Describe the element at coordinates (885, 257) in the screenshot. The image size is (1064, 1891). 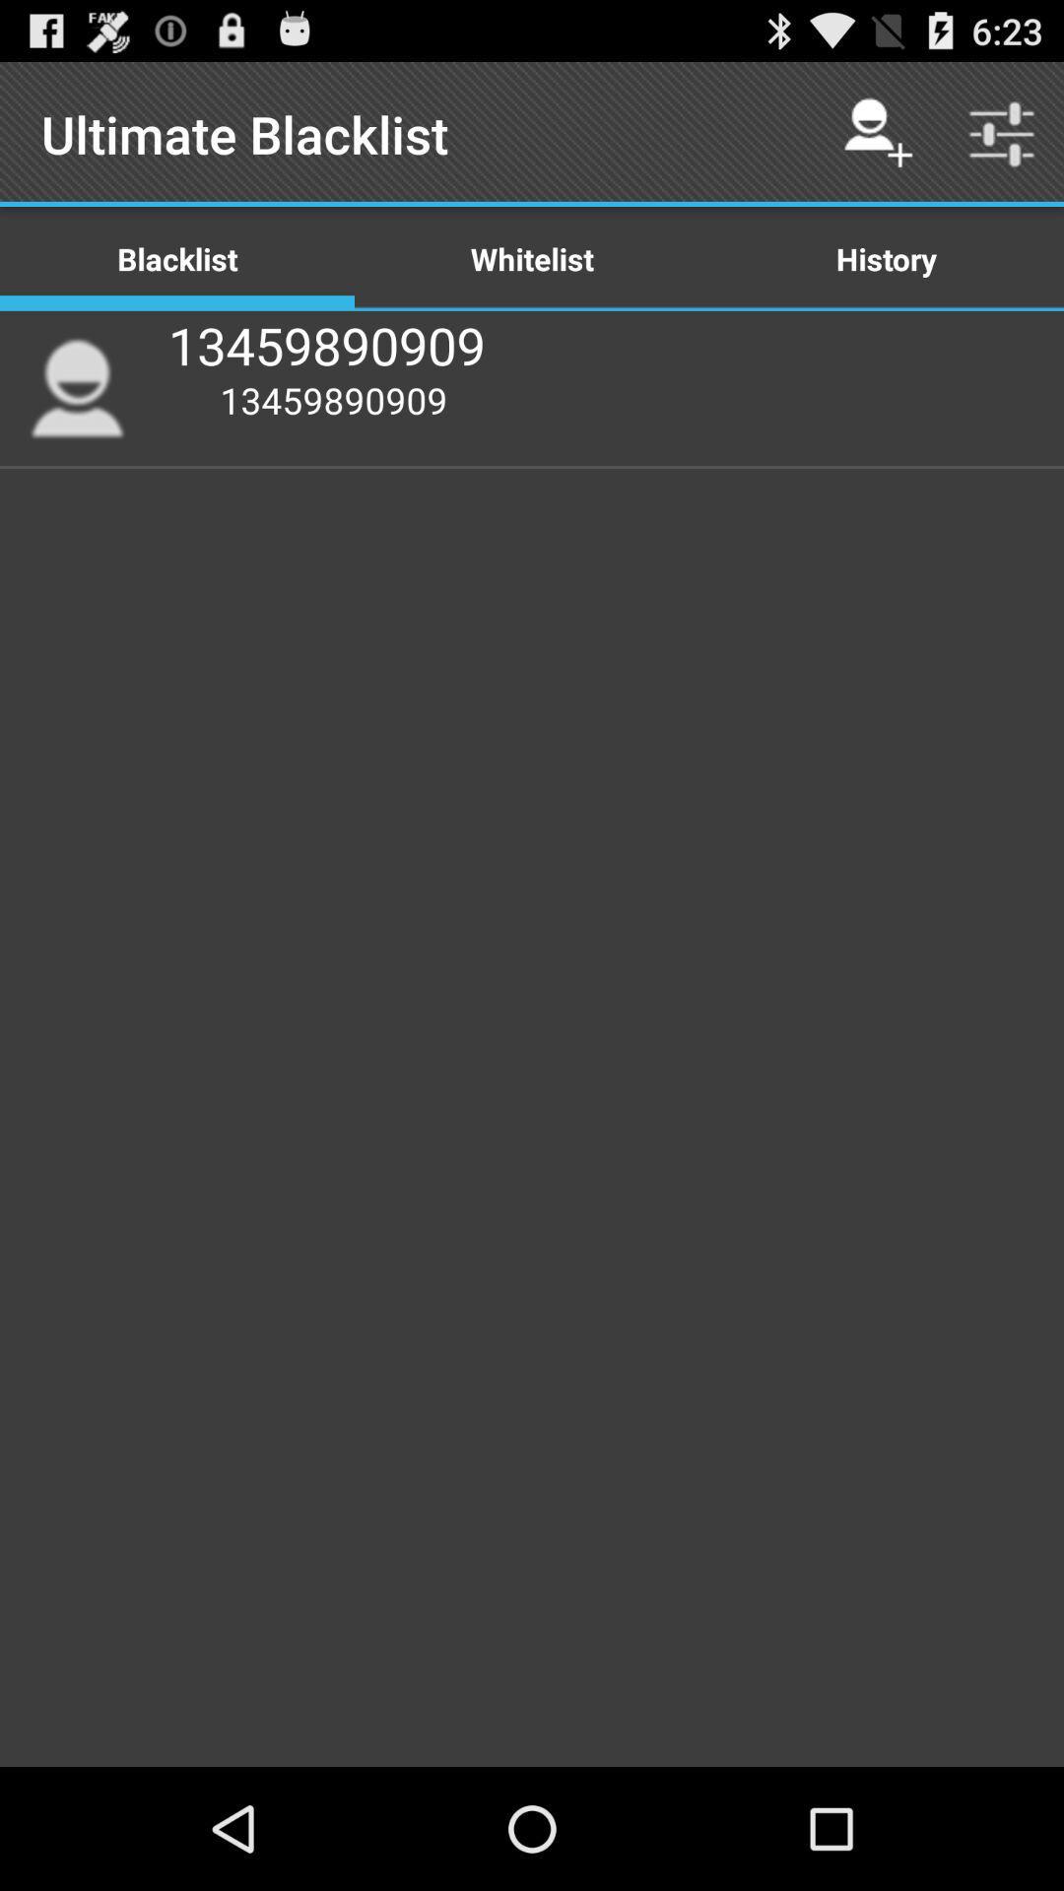
I see `the history icon` at that location.